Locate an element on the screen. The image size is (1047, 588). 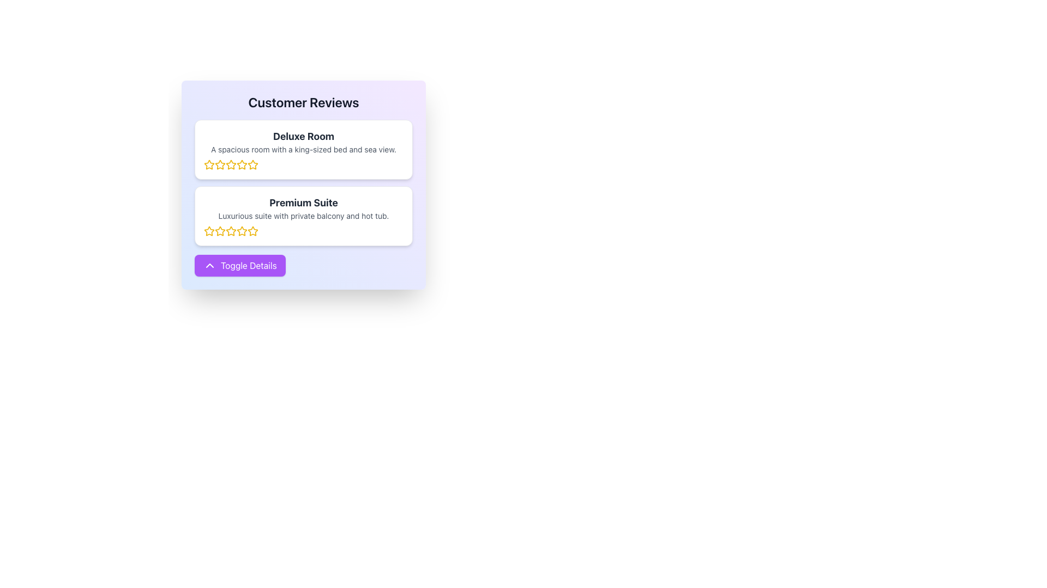
a star in the rating system for the 'Deluxe Room' is located at coordinates (303, 165).